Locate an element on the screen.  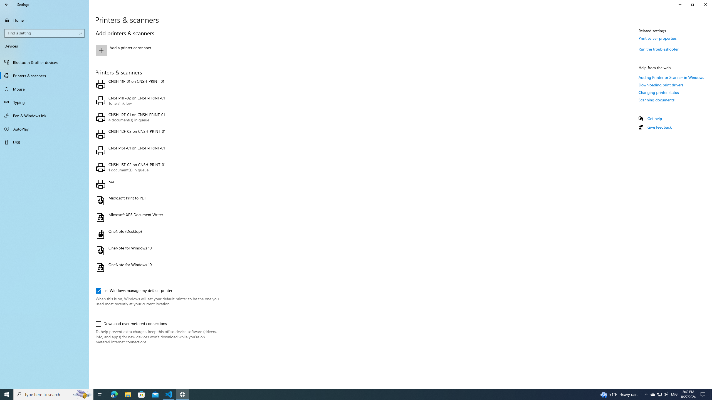
'Microsoft Print to PDF' is located at coordinates (156, 200).